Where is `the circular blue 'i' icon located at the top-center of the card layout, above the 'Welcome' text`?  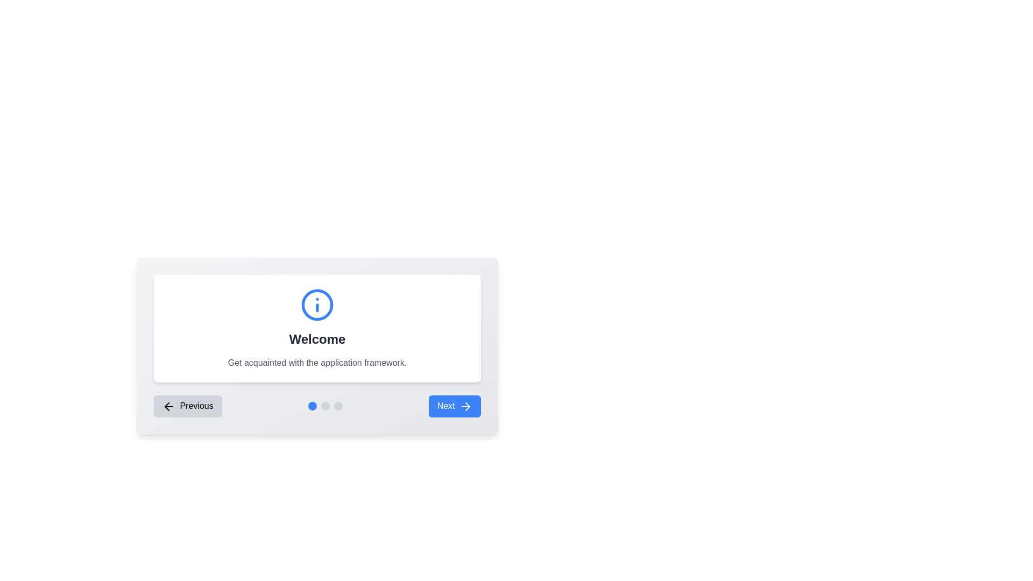 the circular blue 'i' icon located at the top-center of the card layout, above the 'Welcome' text is located at coordinates (317, 305).